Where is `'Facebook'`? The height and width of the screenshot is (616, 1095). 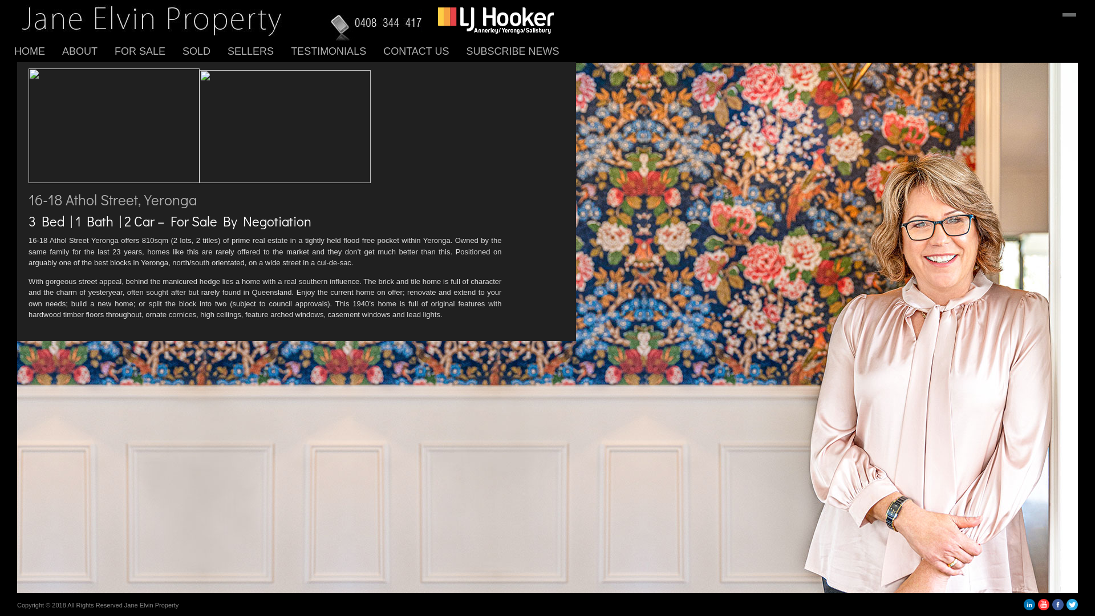
'Facebook' is located at coordinates (1057, 607).